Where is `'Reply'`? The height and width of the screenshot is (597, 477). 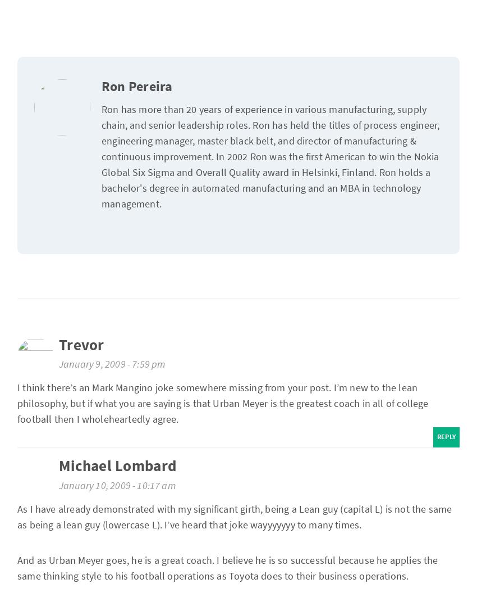 'Reply' is located at coordinates (446, 437).